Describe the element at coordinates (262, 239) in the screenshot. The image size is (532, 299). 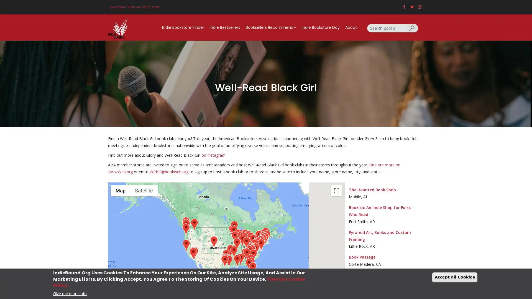
I see `Boogie Down Books` at that location.